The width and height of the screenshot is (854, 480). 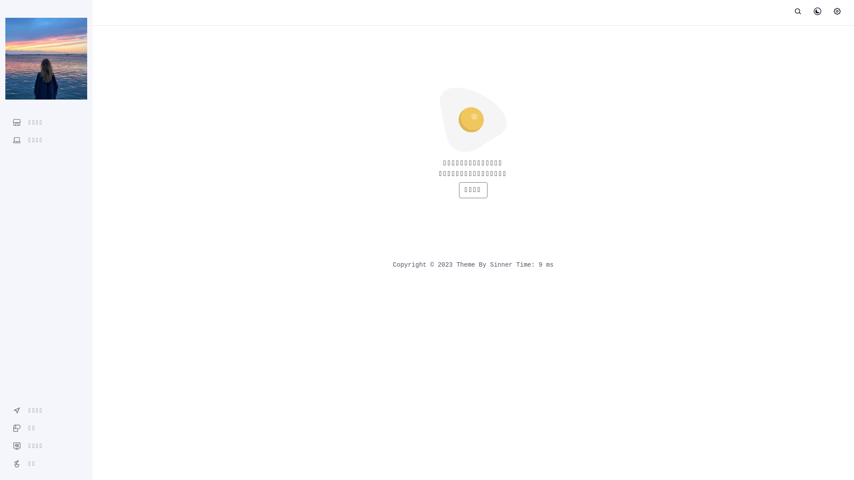 What do you see at coordinates (501, 264) in the screenshot?
I see `'Sinner'` at bounding box center [501, 264].